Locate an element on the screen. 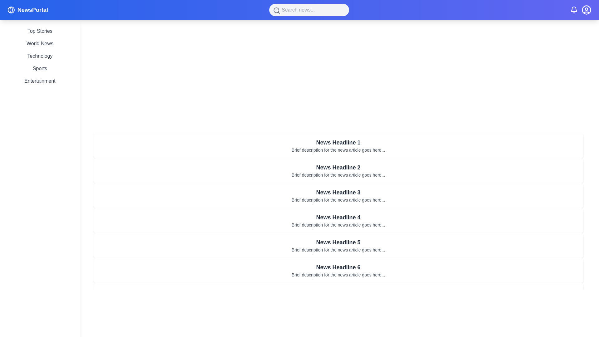  the rectangular card containing the bold heading 'News Headline 3' and the description 'Brief description for the news article goes here...', which is the third item in a vertical list of news articles is located at coordinates (338, 195).